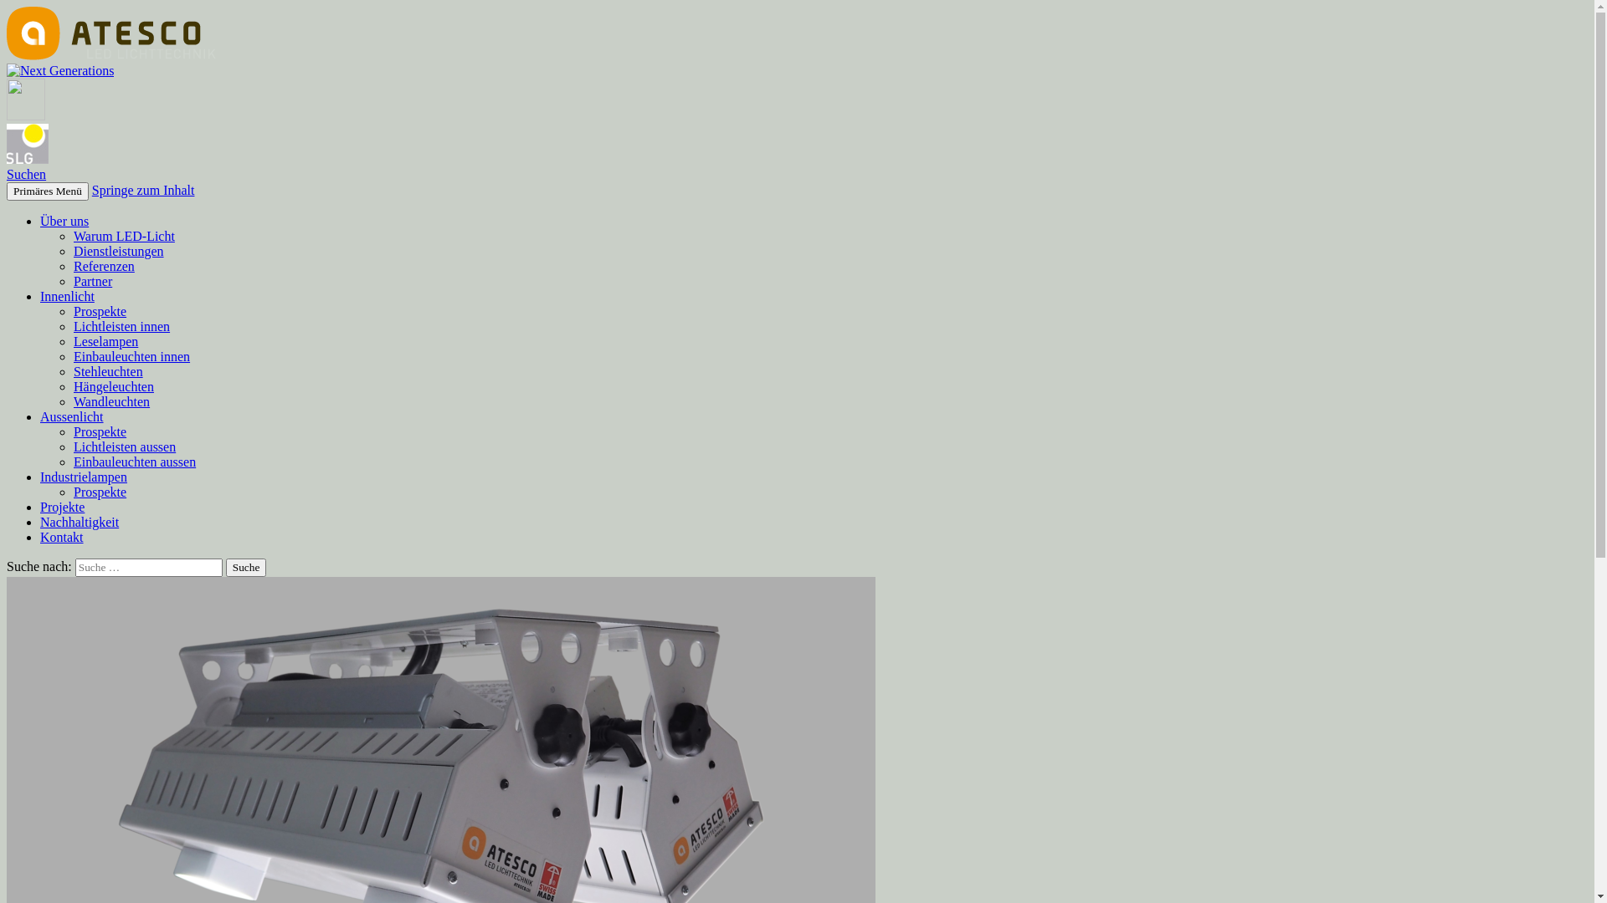 Image resolution: width=1607 pixels, height=903 pixels. Describe the element at coordinates (62, 506) in the screenshot. I see `'Projekte'` at that location.